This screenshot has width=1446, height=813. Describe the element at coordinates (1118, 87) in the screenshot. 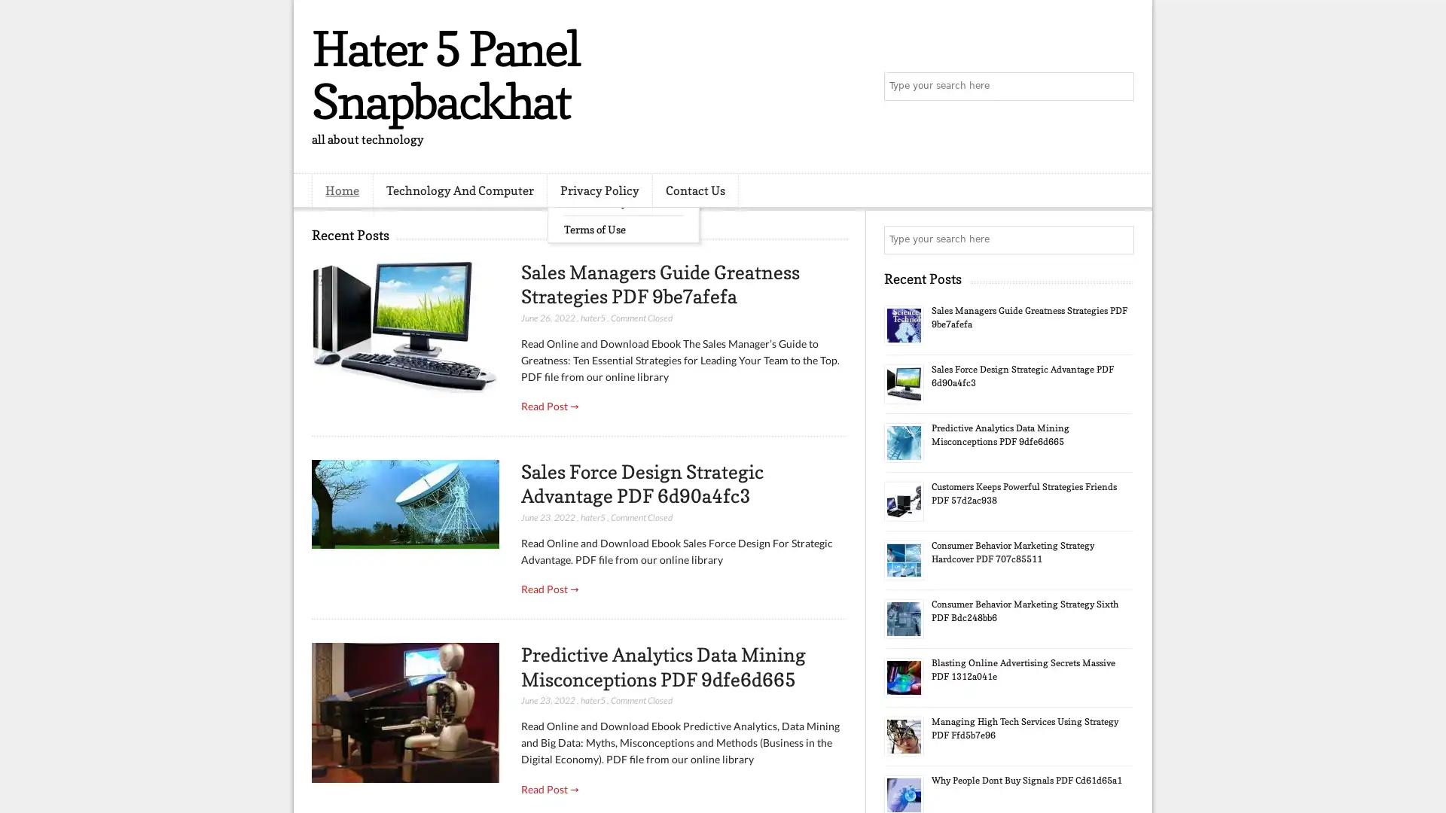

I see `Search` at that location.